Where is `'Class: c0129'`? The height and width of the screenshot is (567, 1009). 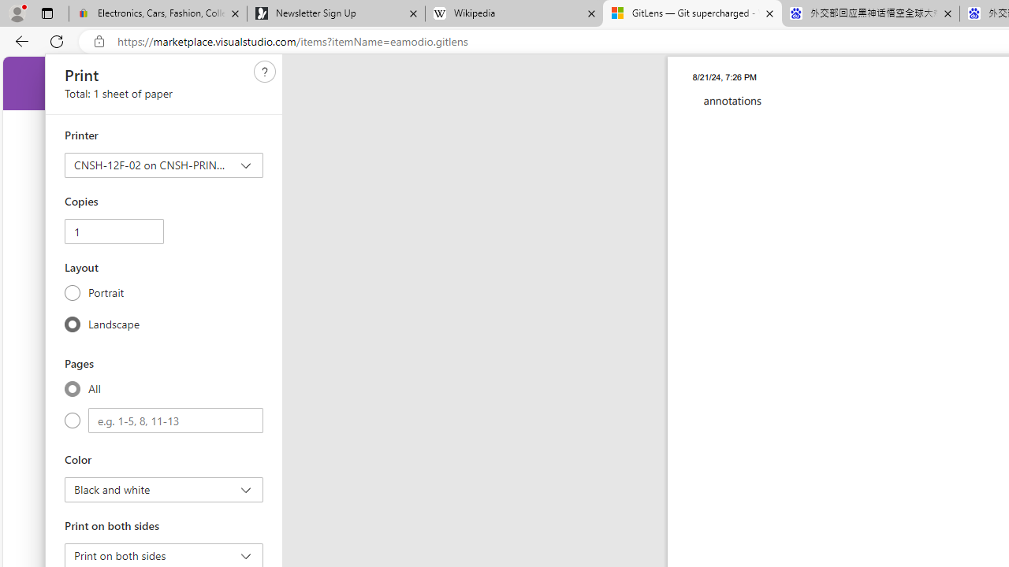
'Class: c0129' is located at coordinates (265, 72).